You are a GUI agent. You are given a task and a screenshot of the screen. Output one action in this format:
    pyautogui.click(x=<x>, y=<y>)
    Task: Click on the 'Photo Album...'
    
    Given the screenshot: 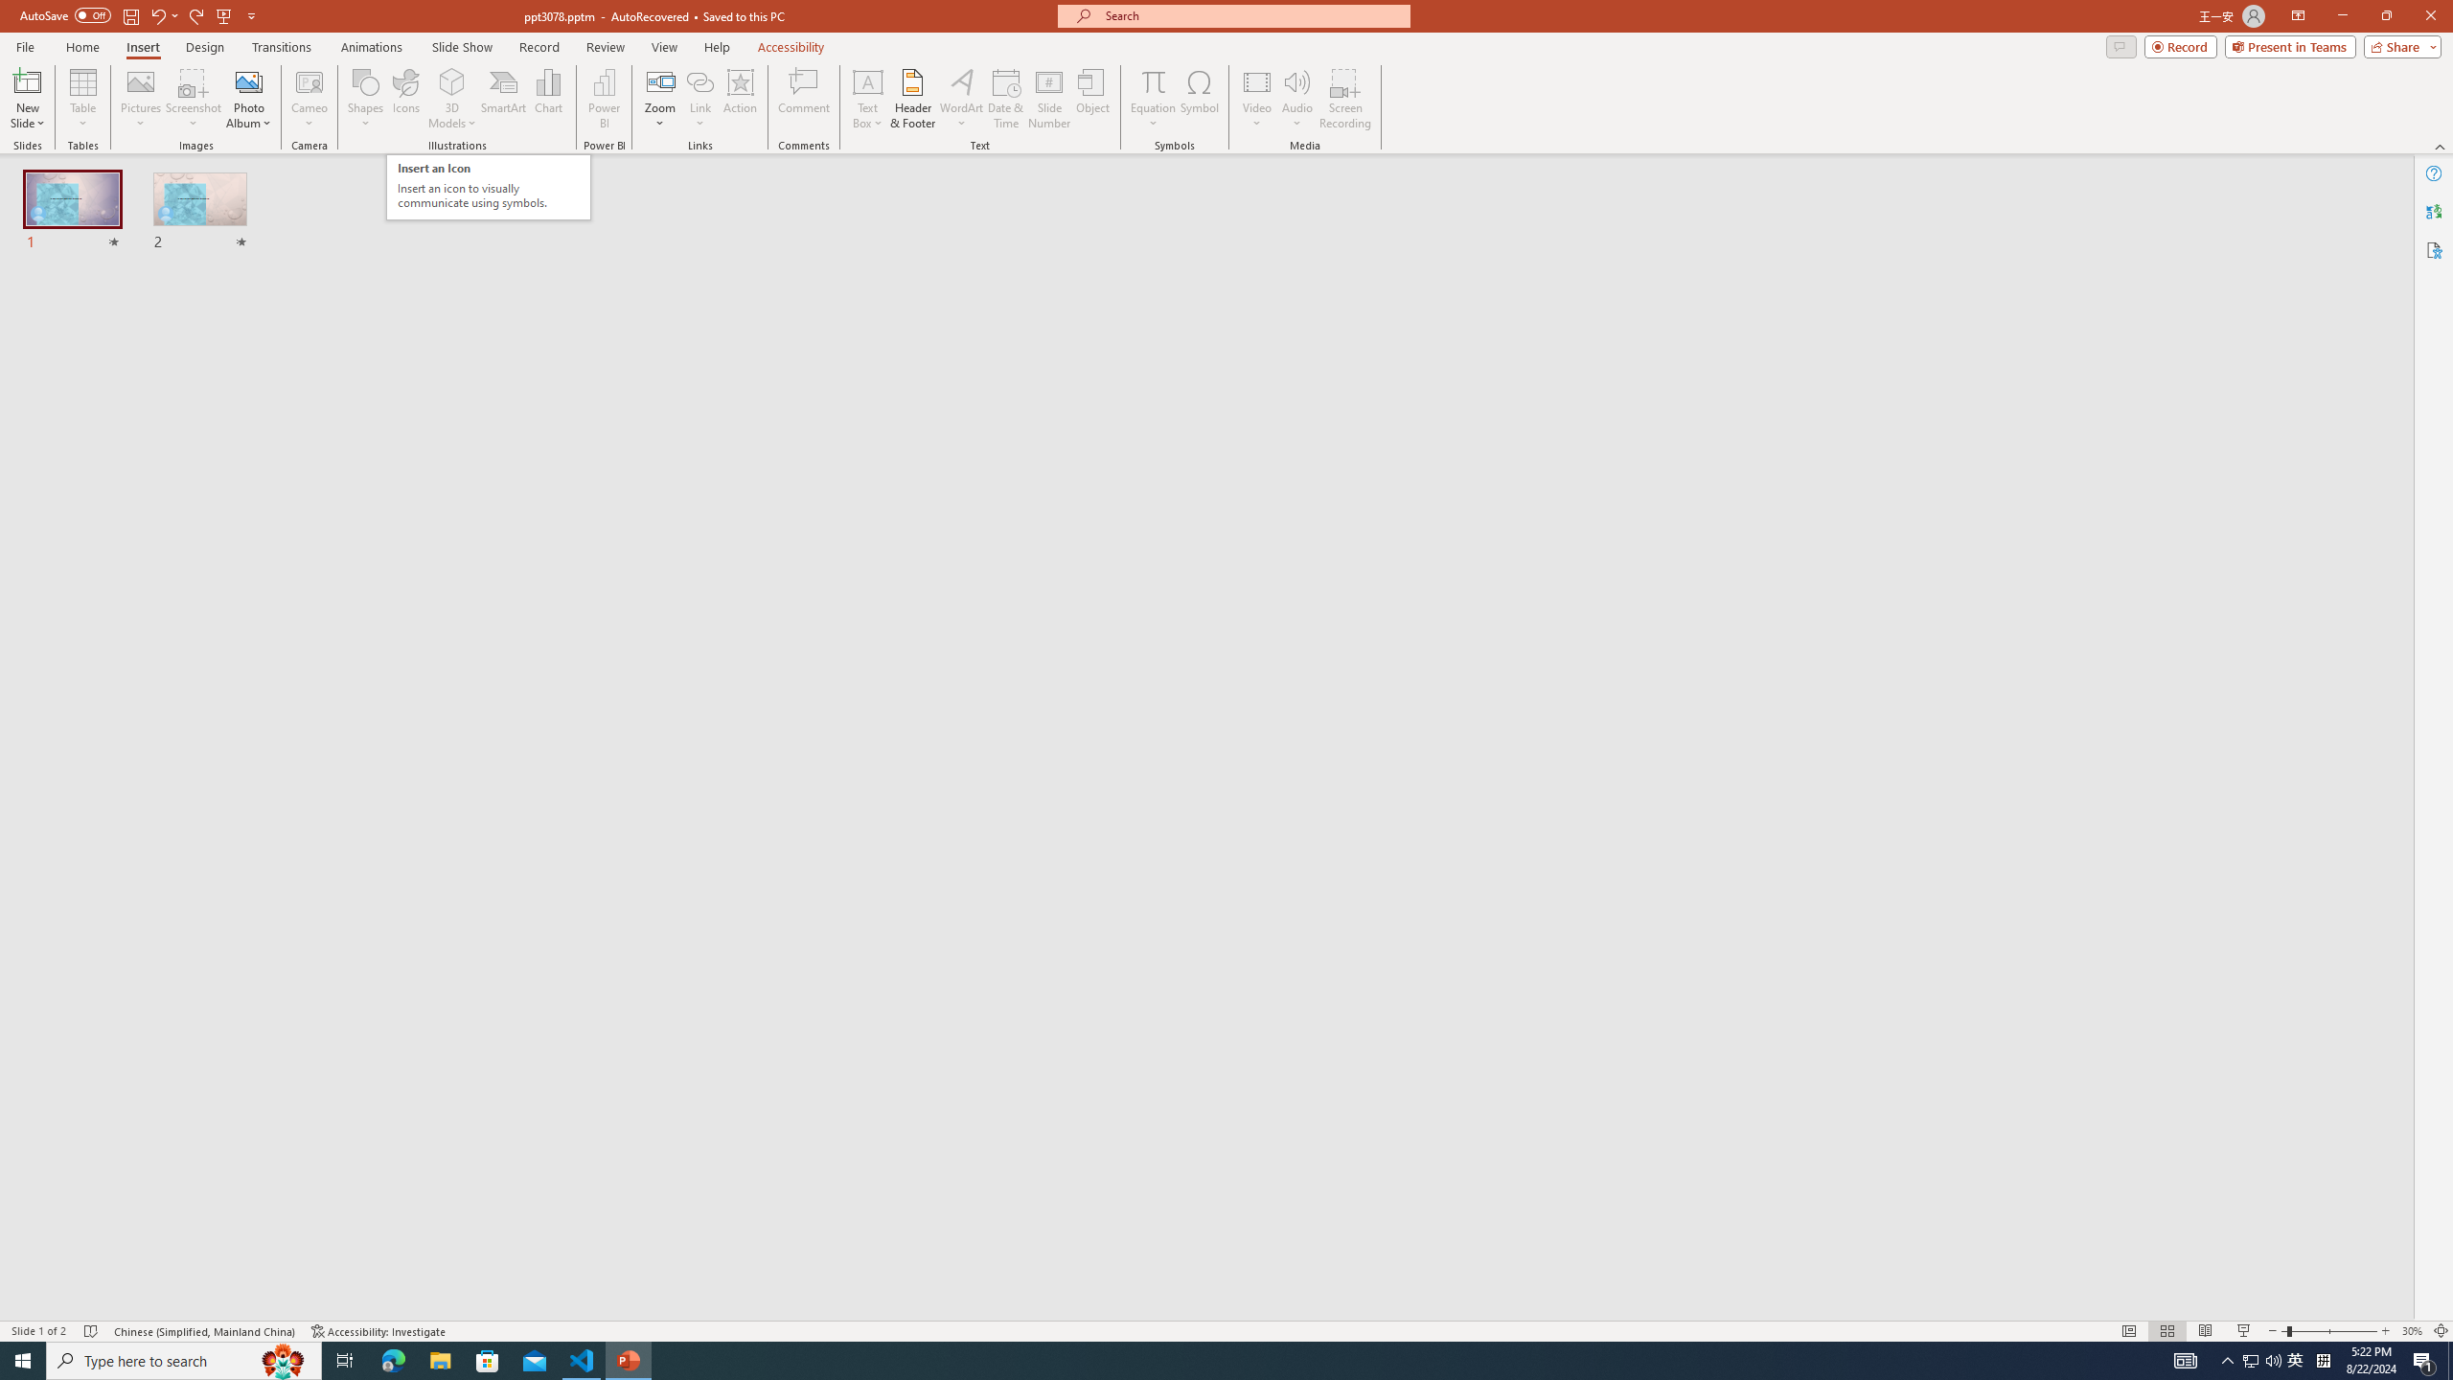 What is the action you would take?
    pyautogui.click(x=247, y=99)
    